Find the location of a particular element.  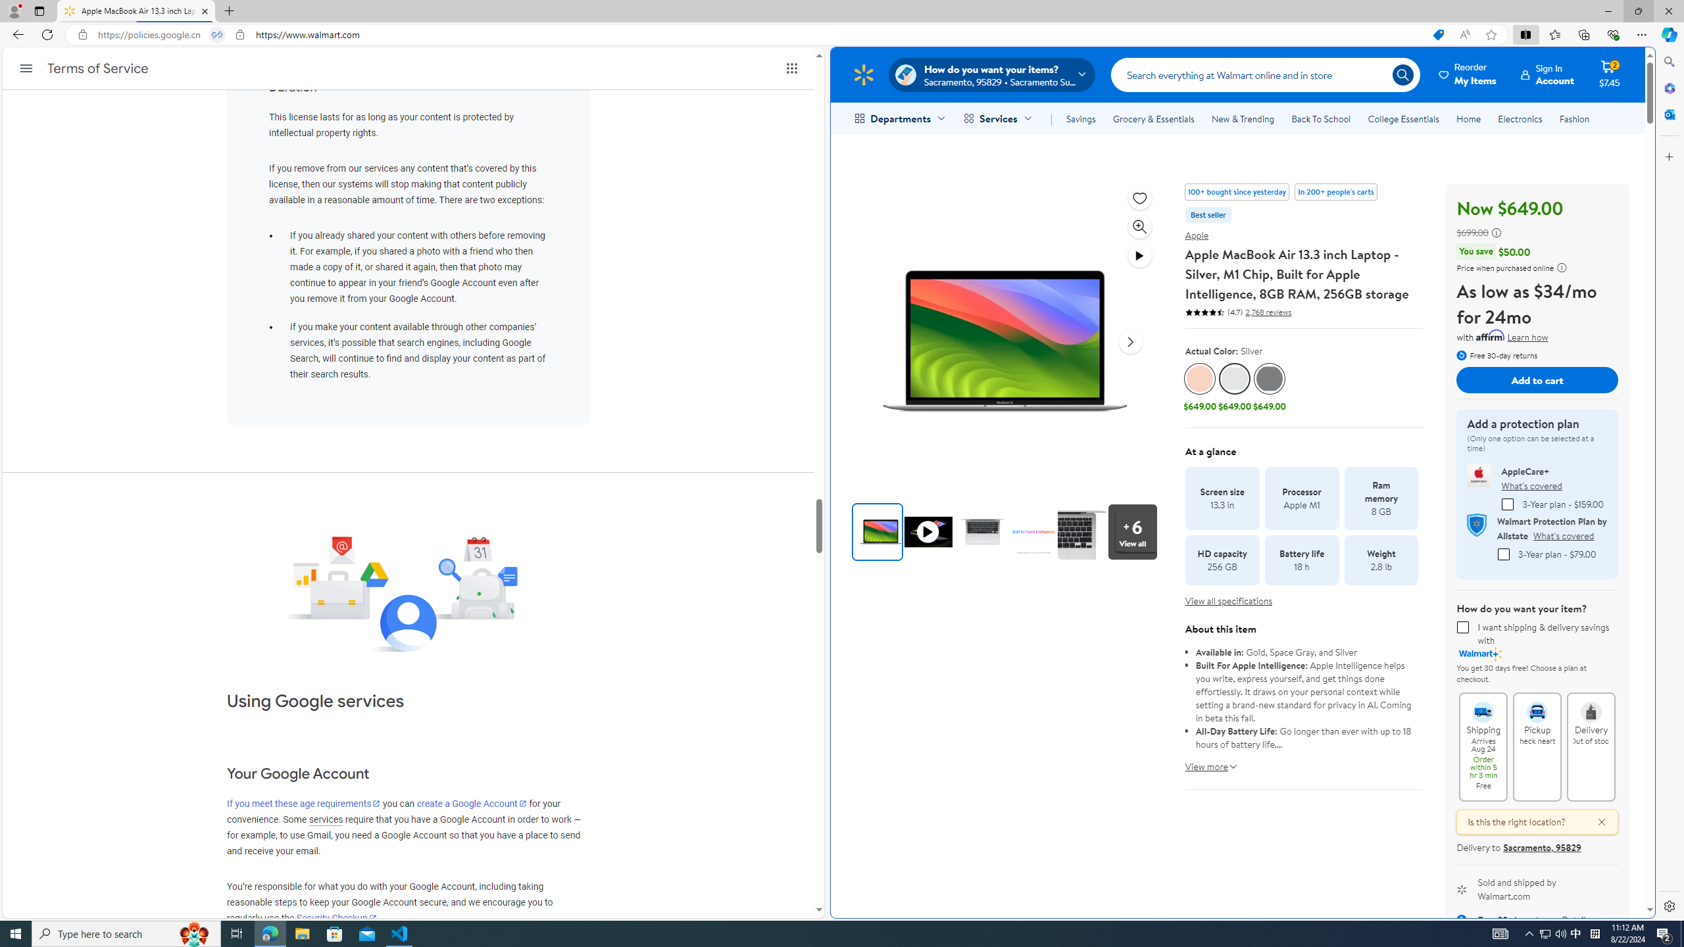

'Gold, $649.00' is located at coordinates (1199, 388).